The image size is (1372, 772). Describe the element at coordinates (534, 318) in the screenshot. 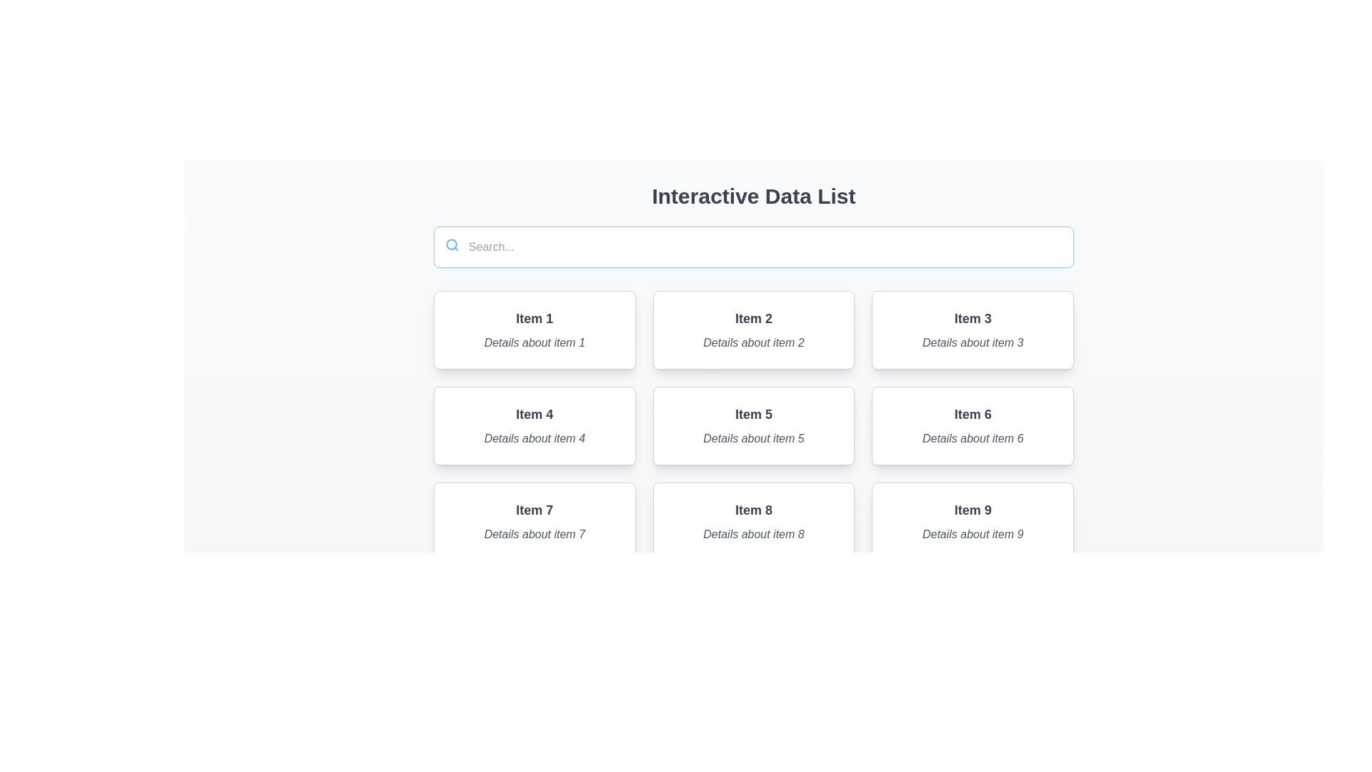

I see `the title text label of the card component that serves as an identifier for the card's information, positioned at the top of the card in a grid layout` at that location.